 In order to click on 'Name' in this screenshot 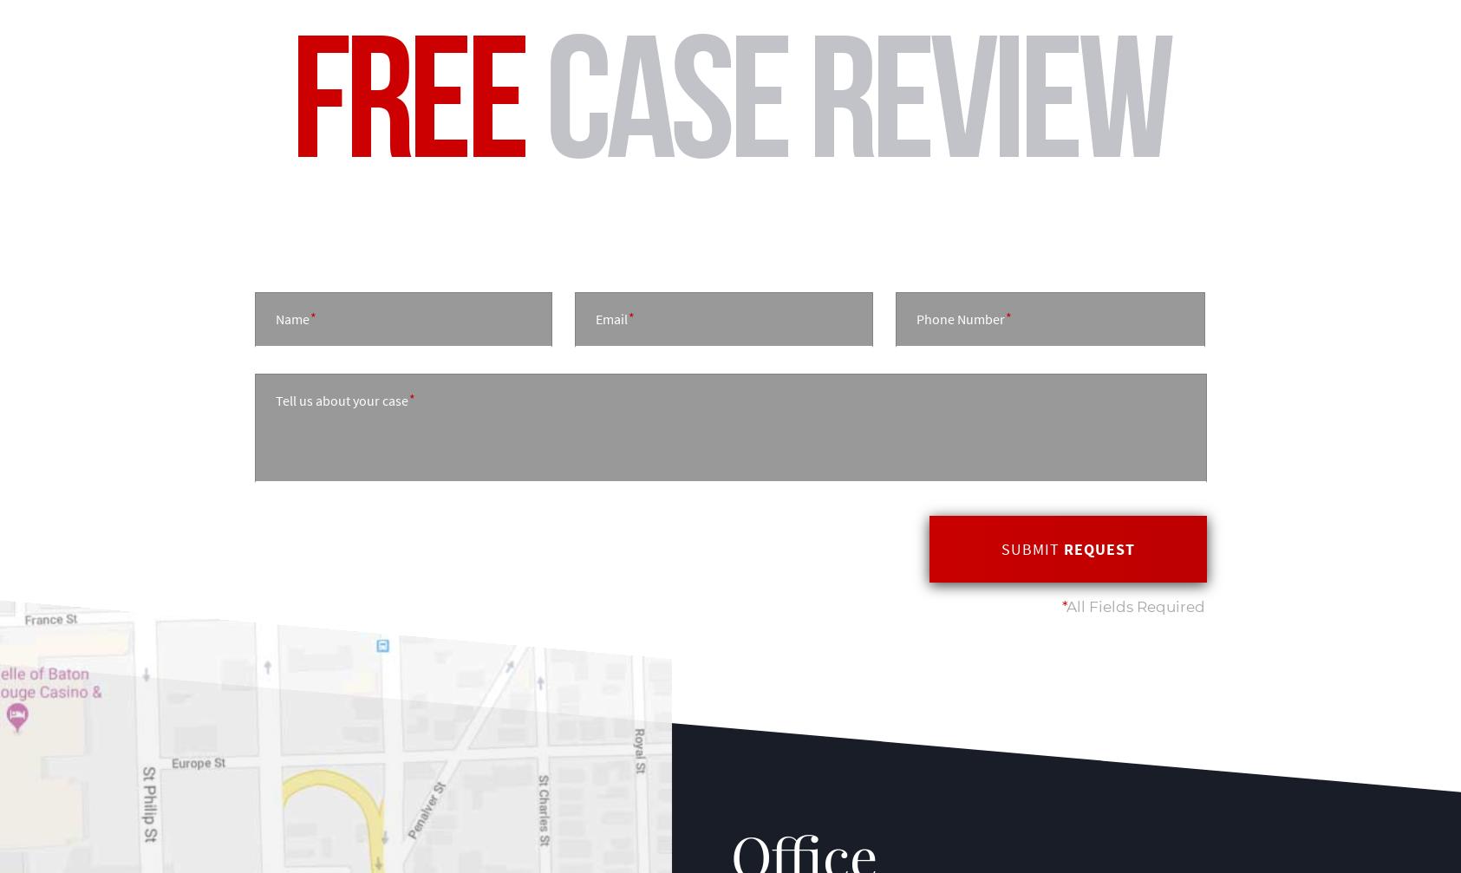, I will do `click(291, 318)`.